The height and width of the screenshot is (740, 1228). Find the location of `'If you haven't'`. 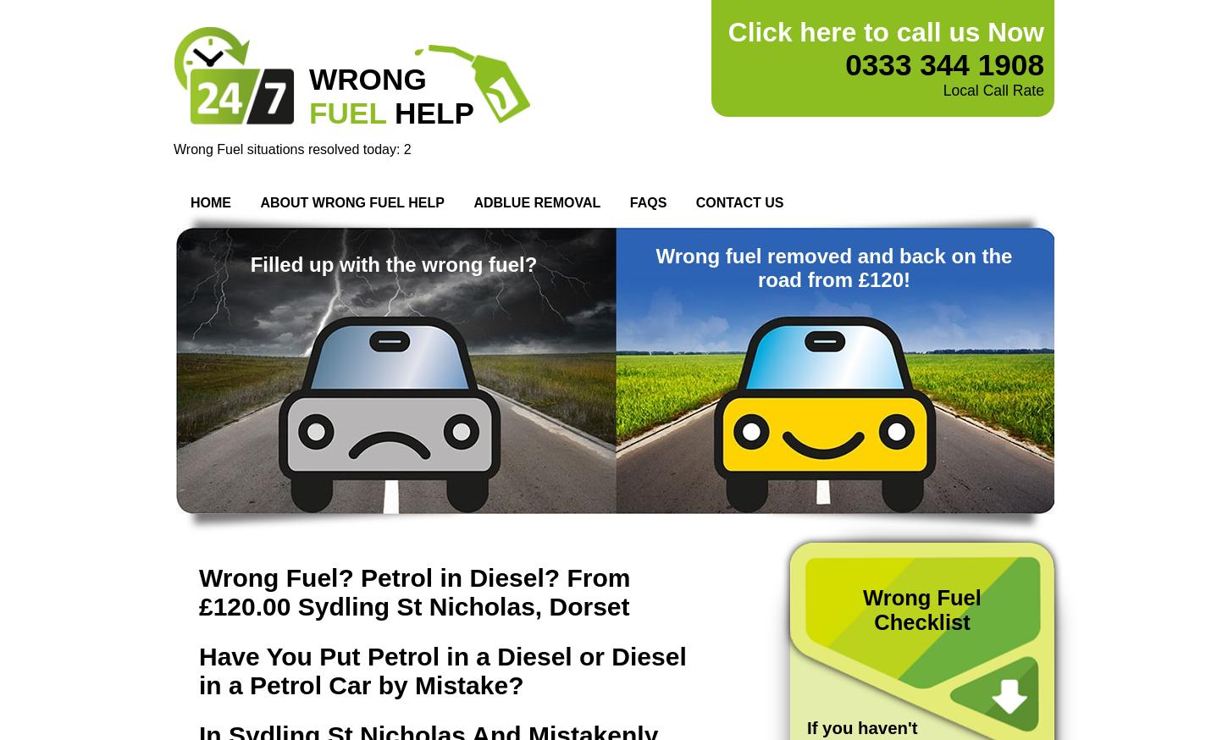

'If you haven't' is located at coordinates (862, 726).